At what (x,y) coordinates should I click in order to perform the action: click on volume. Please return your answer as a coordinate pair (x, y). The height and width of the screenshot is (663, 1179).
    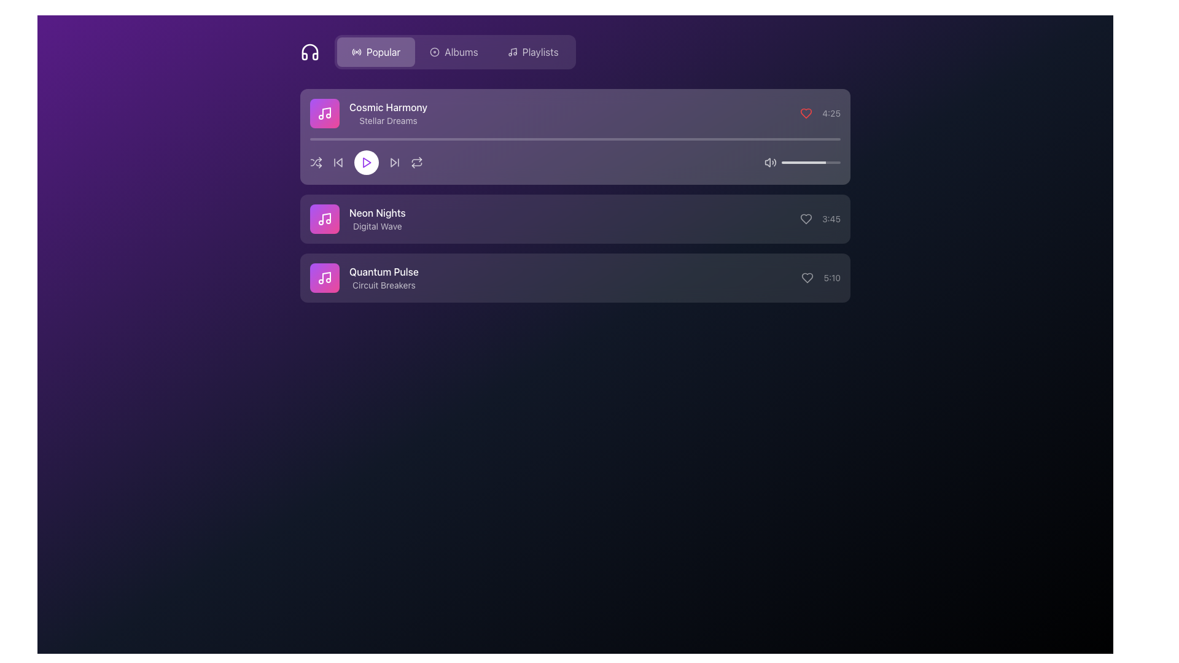
    Looking at the image, I should click on (814, 162).